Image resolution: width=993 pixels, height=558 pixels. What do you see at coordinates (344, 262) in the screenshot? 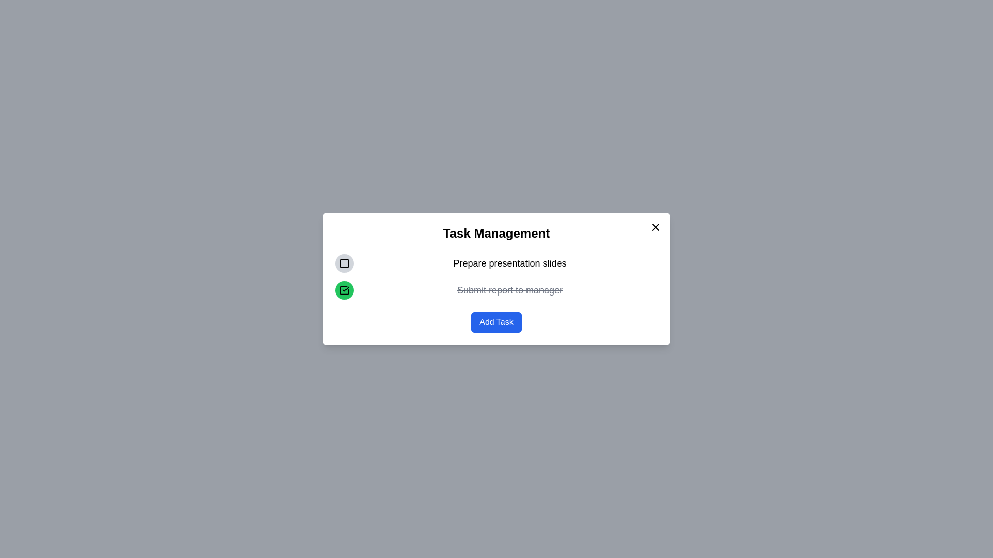
I see `the button labeled 'Prepare presentation slides'` at bounding box center [344, 262].